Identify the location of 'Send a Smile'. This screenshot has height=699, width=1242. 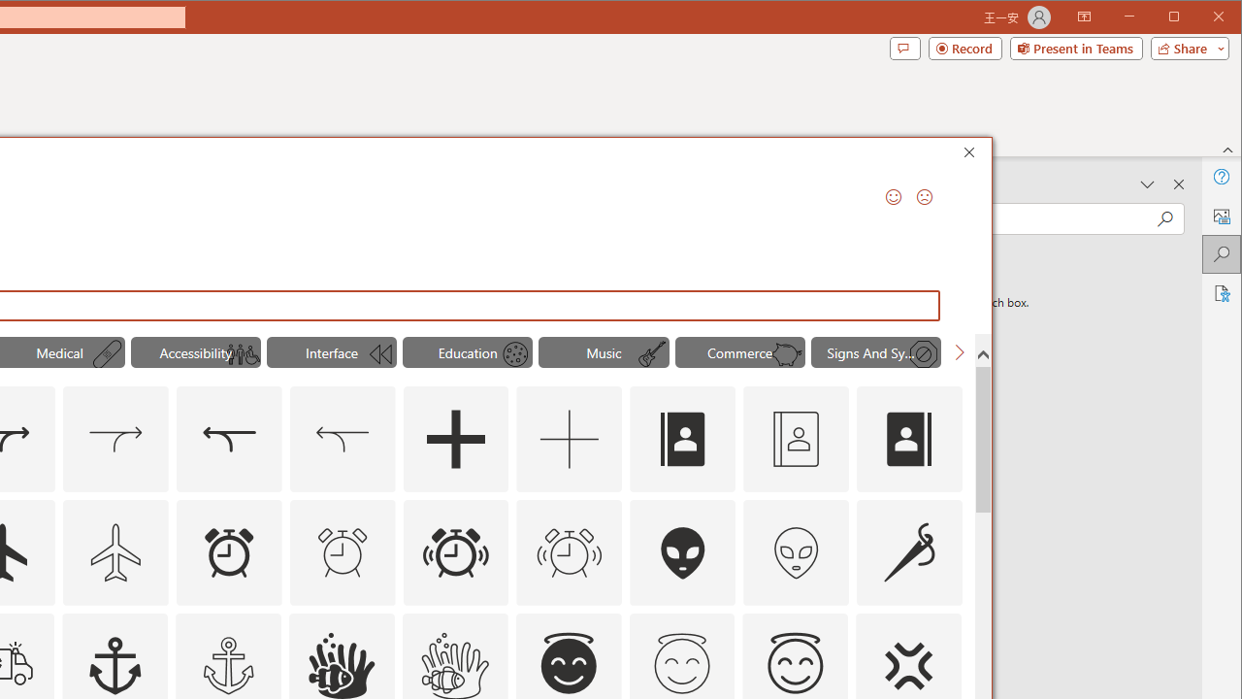
(892, 197).